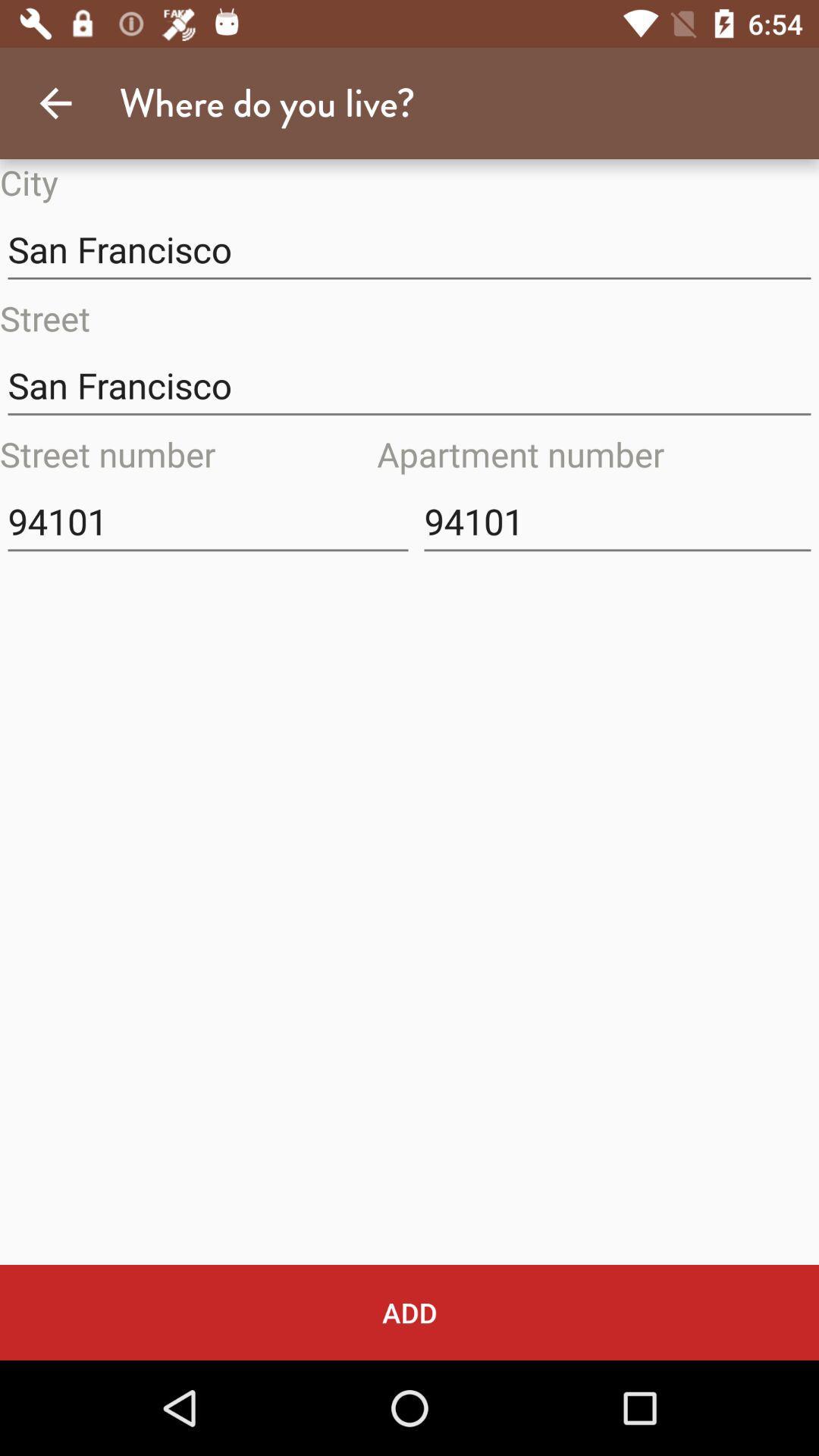 The image size is (819, 1456). Describe the element at coordinates (55, 102) in the screenshot. I see `the app to the left of where do you icon` at that location.